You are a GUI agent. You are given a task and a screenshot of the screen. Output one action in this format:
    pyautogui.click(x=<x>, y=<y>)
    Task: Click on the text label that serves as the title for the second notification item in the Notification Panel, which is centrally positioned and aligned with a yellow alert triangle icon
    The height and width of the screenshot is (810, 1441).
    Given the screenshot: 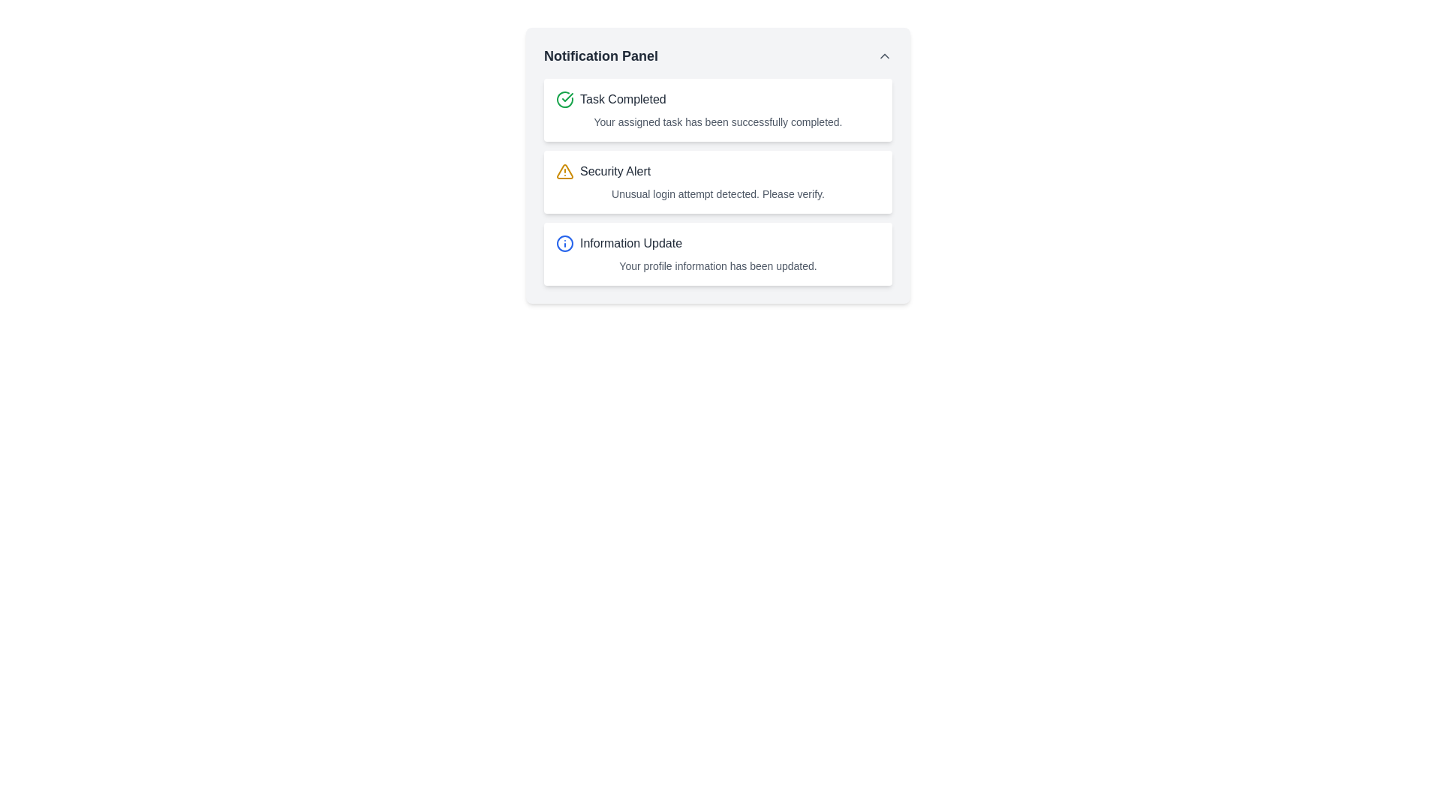 What is the action you would take?
    pyautogui.click(x=615, y=170)
    